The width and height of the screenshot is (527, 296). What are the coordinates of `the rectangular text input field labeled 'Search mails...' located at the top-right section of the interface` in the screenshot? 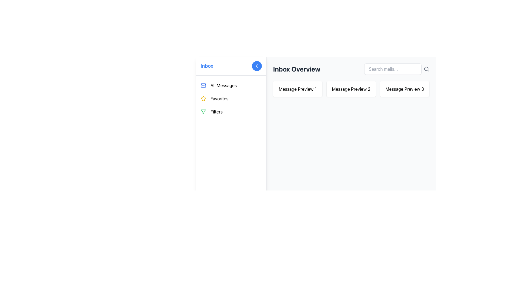 It's located at (393, 69).